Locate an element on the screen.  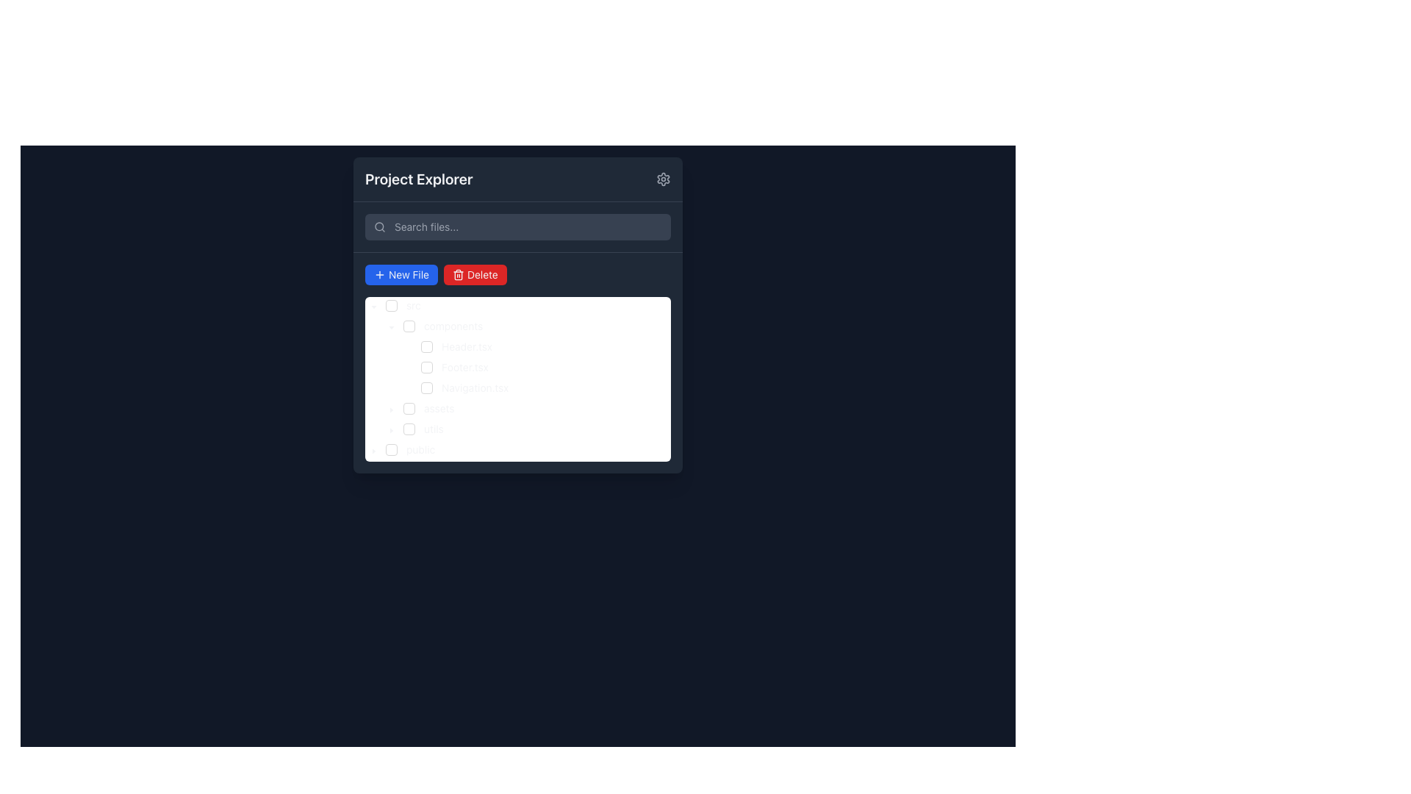
the settings icon button located at the top-right corner of the 'Project Explorer' header, next to the title text 'Project Explorer' is located at coordinates (662, 178).